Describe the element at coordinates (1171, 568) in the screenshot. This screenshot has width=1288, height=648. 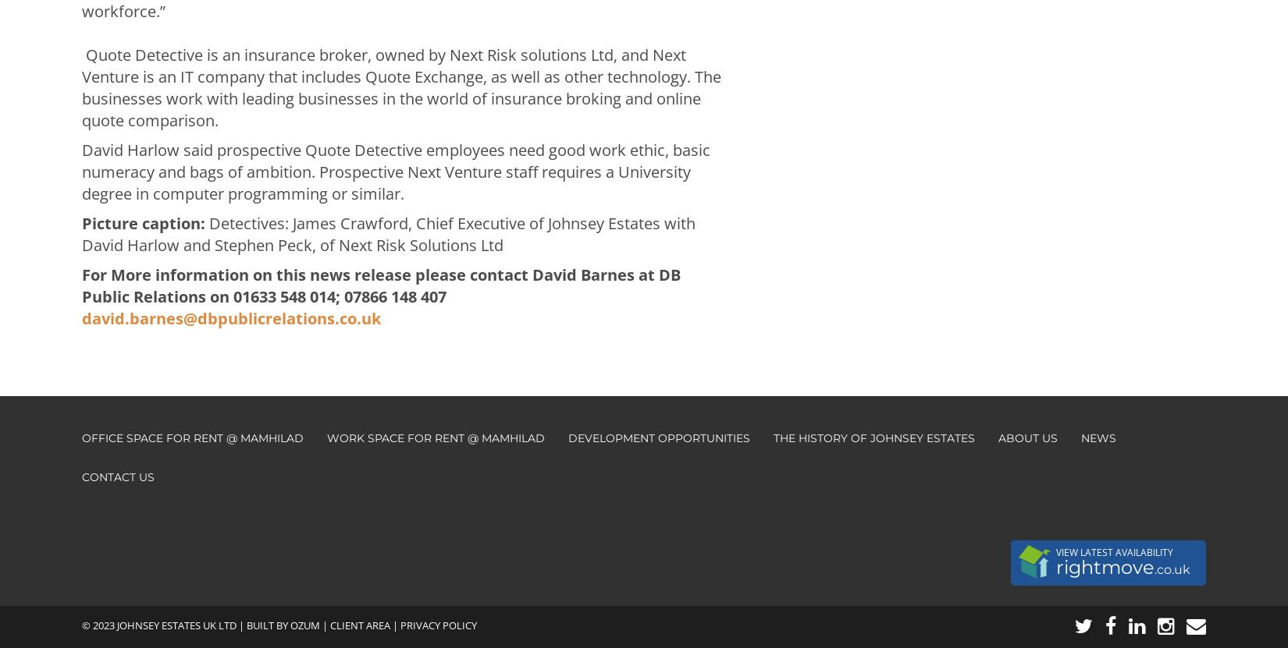
I see `'.co.uk'` at that location.